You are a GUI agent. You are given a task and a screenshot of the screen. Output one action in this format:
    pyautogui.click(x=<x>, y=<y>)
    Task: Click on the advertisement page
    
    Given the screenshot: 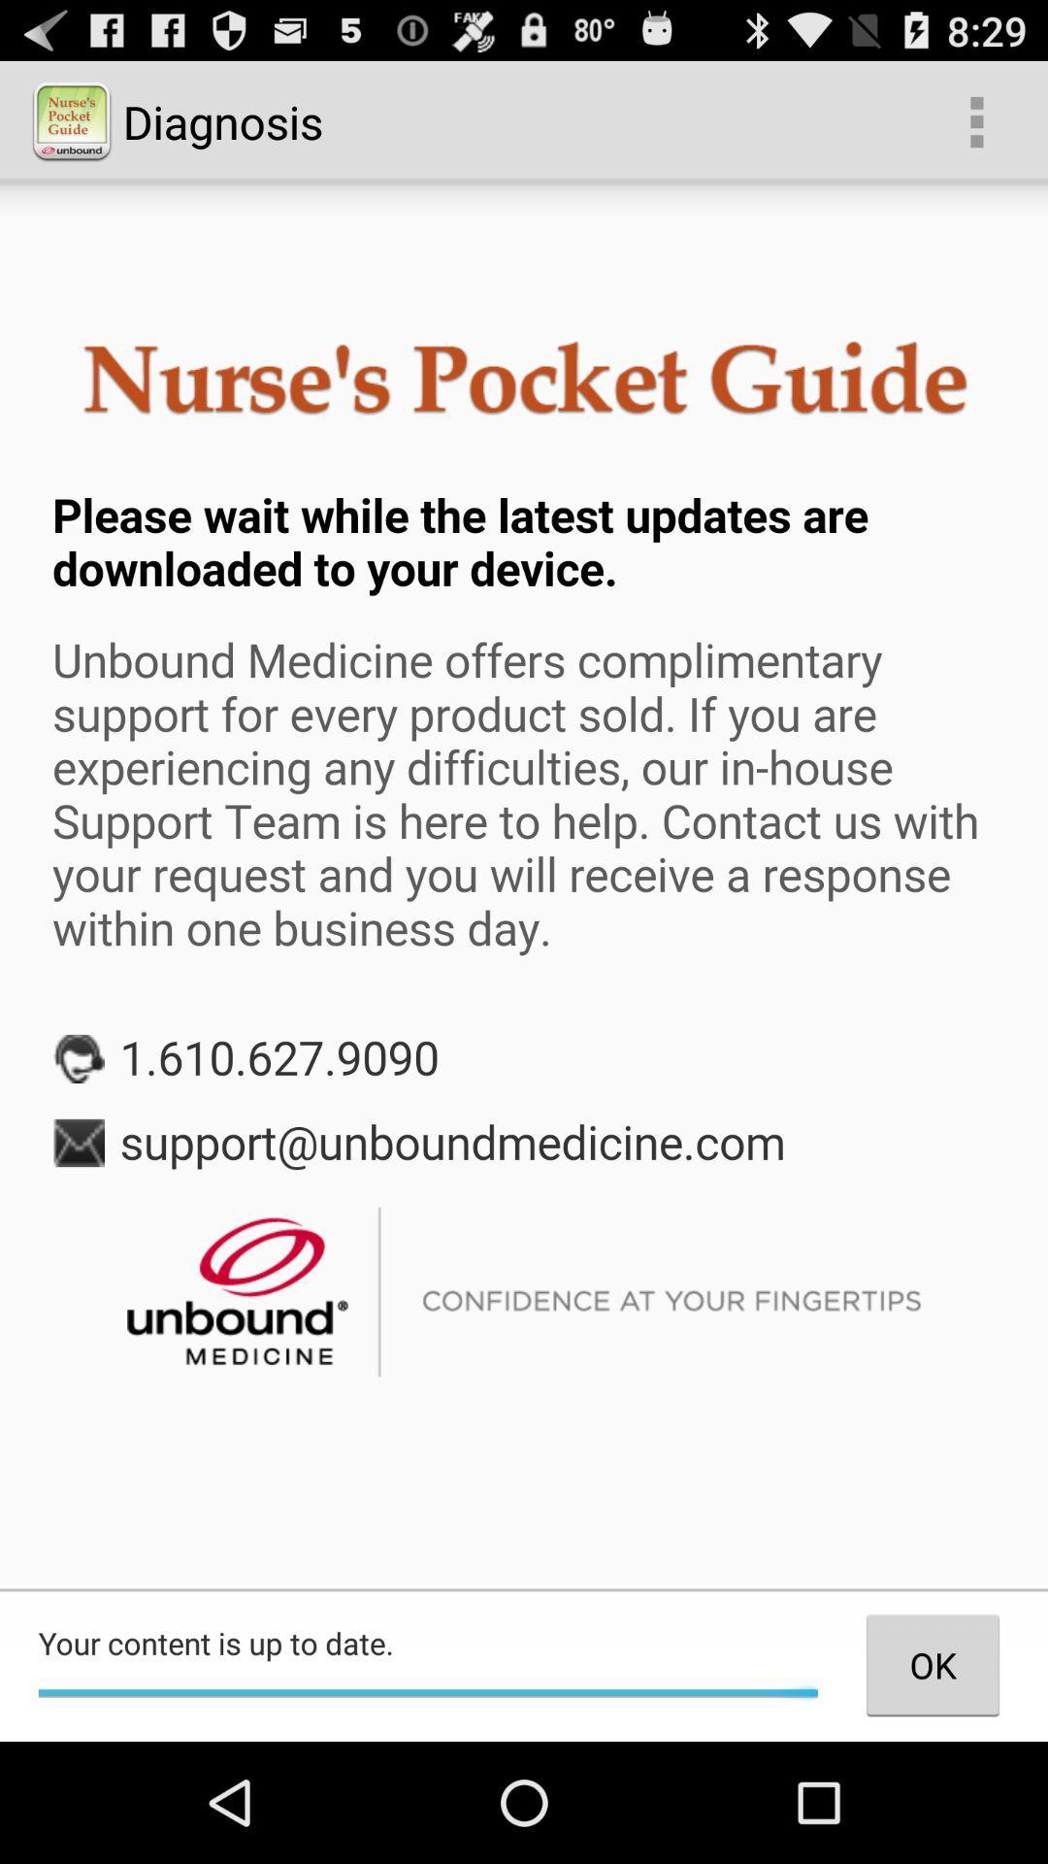 What is the action you would take?
    pyautogui.click(x=524, y=884)
    